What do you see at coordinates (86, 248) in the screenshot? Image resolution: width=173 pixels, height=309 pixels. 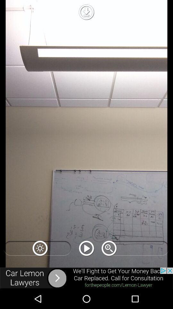 I see `button` at bounding box center [86, 248].